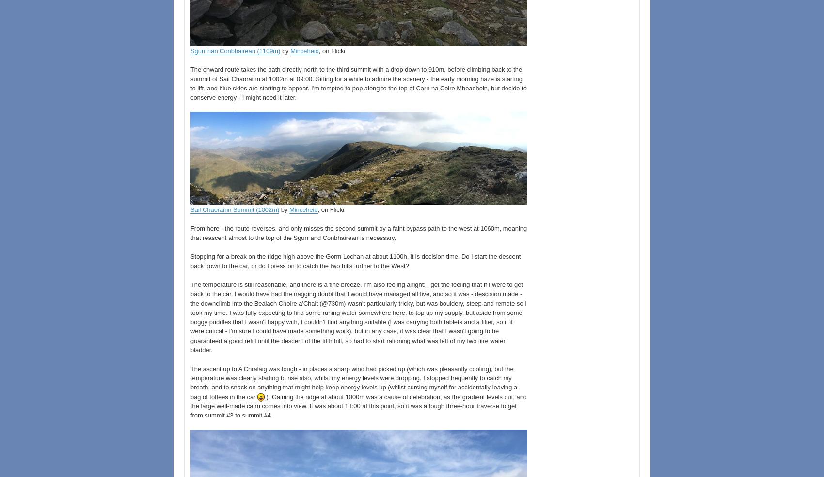 The image size is (824, 477). Describe the element at coordinates (190, 405) in the screenshot. I see `'). Gaining the ridge at about 1000m was a cause of celebration, as the gradient levels out, and the large well-made cairn comes into view. It was about 13:00 at this point, so it was a tough three-hour traverse to get from summit #3 to summit #4.'` at that location.